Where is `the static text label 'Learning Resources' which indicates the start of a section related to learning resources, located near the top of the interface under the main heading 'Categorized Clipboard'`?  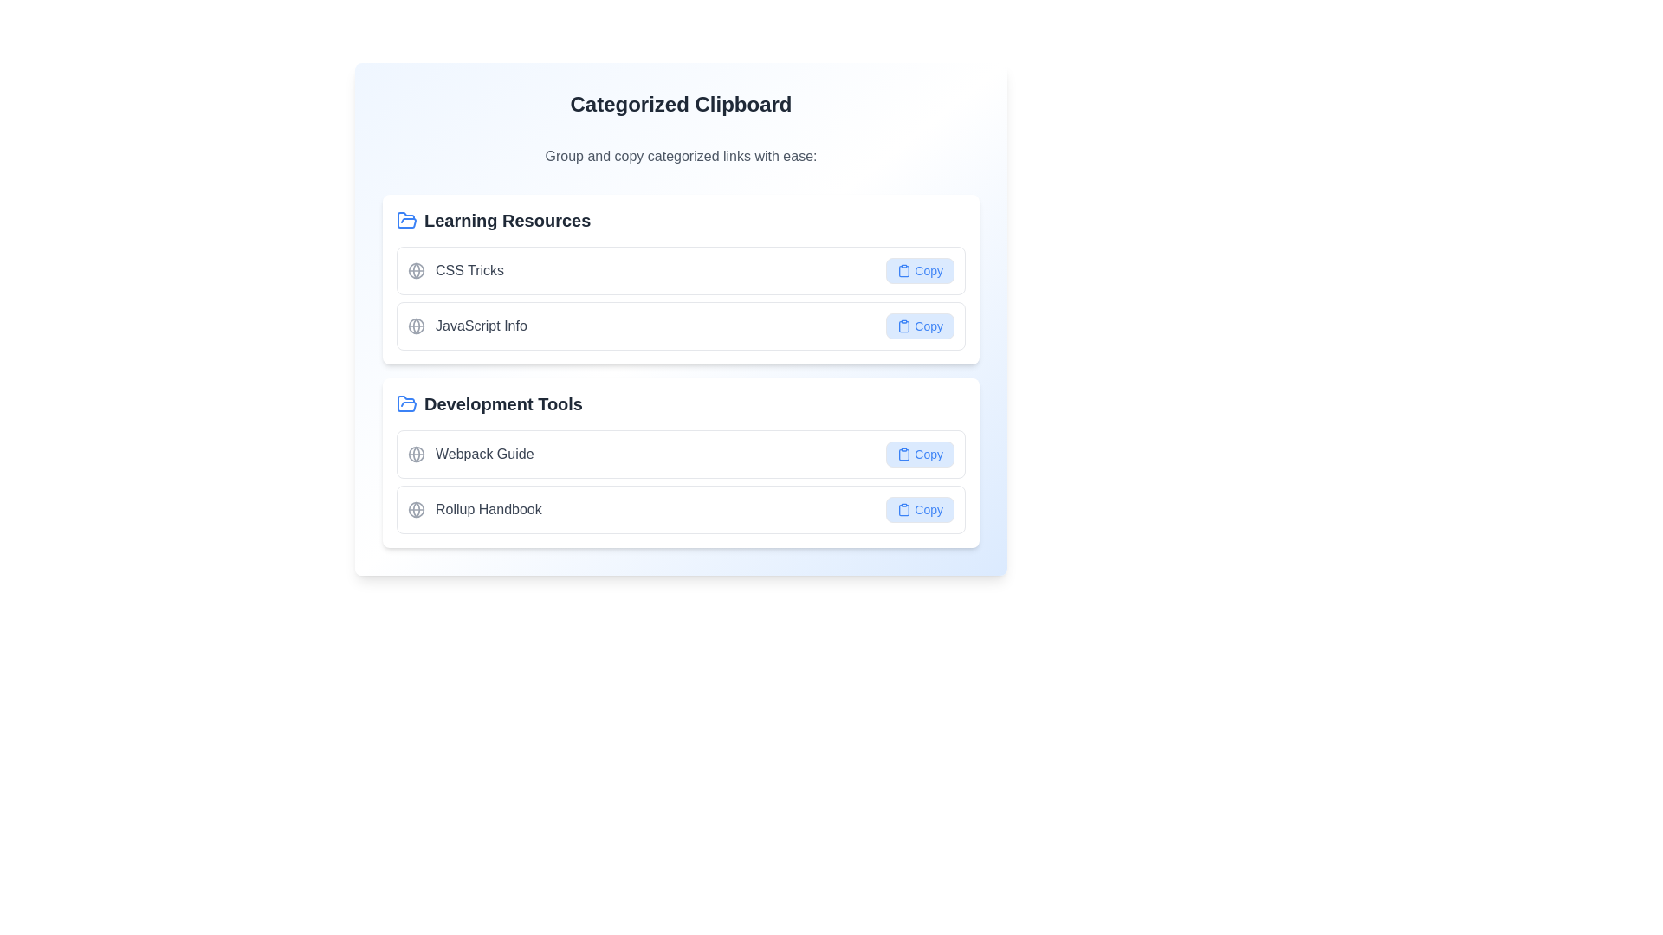
the static text label 'Learning Resources' which indicates the start of a section related to learning resources, located near the top of the interface under the main heading 'Categorized Clipboard' is located at coordinates (507, 219).